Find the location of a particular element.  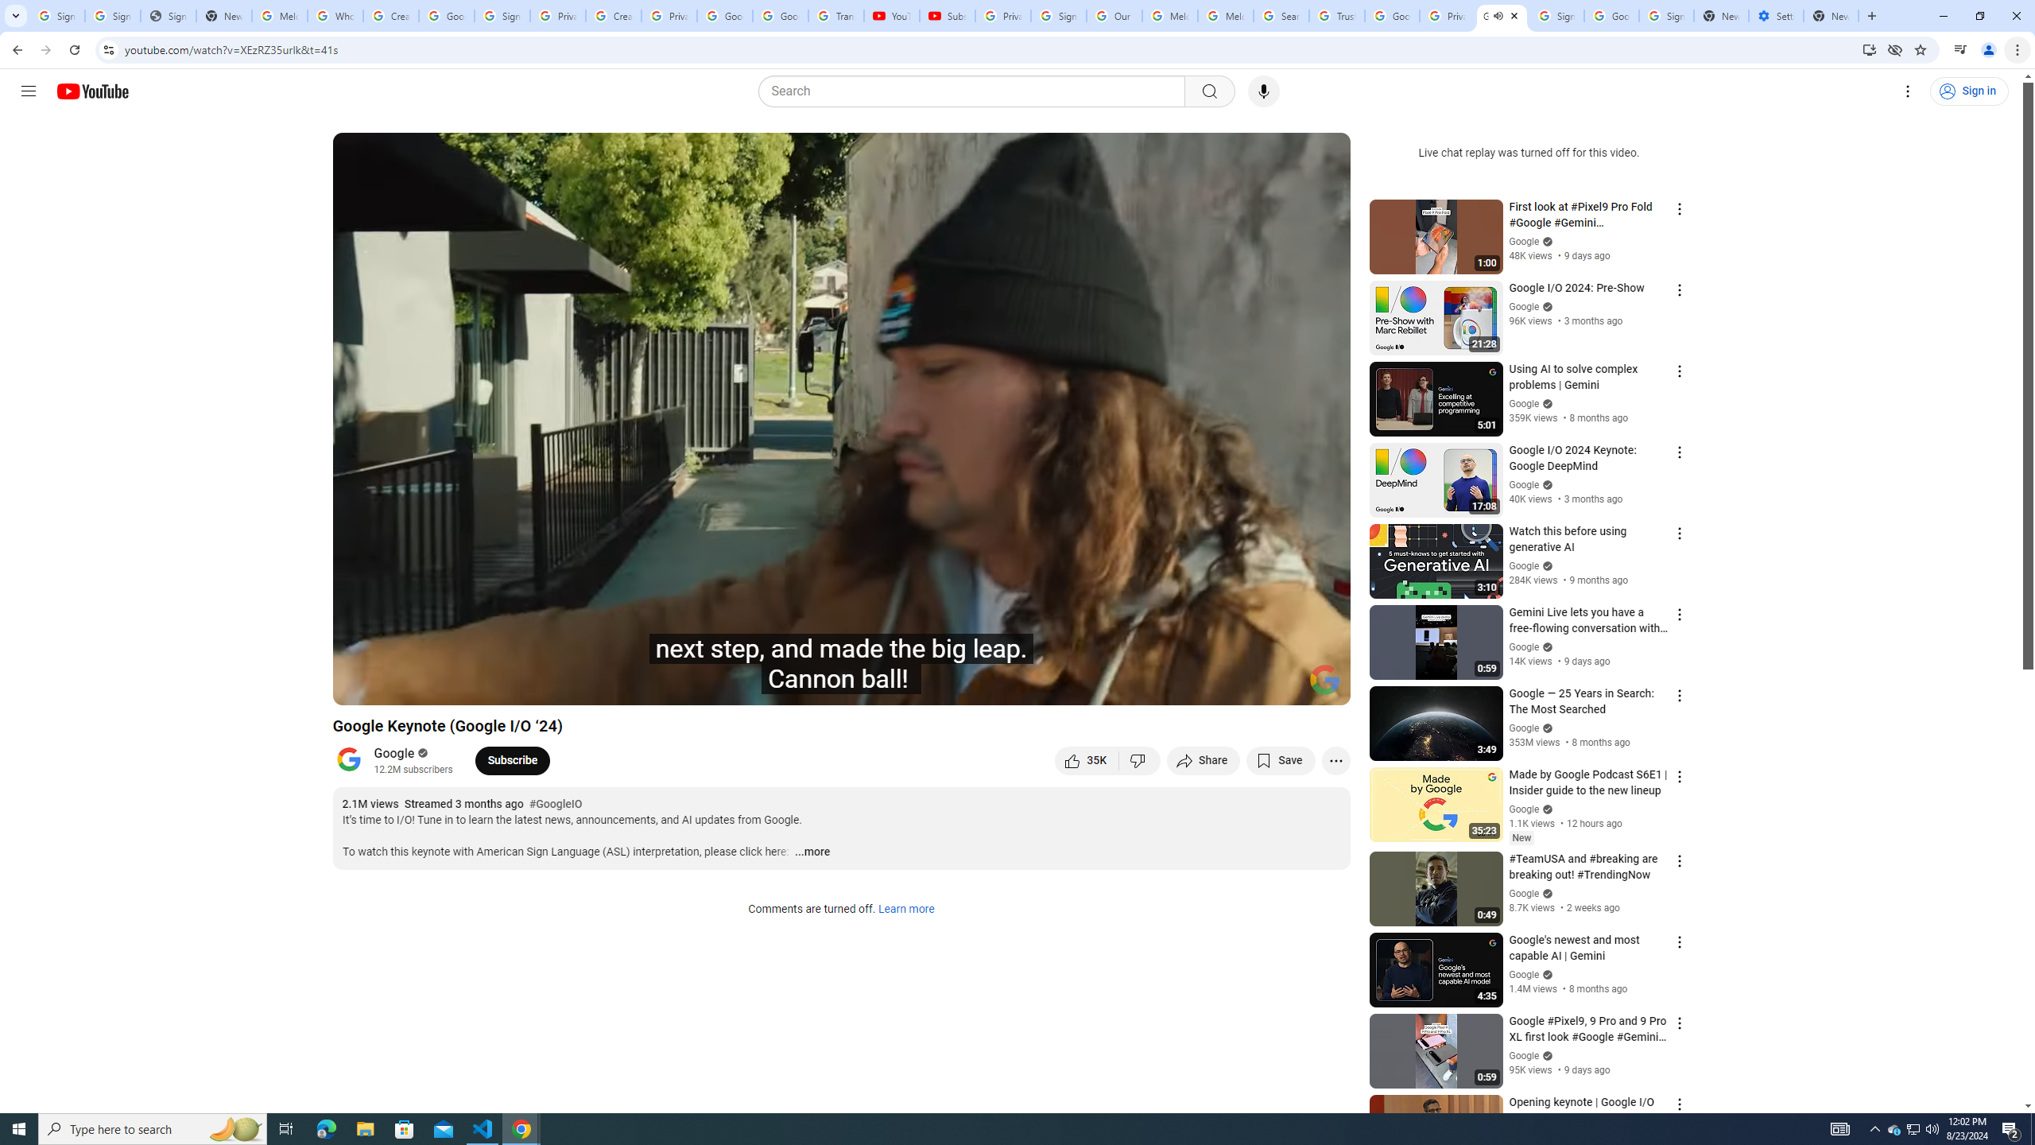

'Who is my administrator? - Google Account Help' is located at coordinates (335, 15).